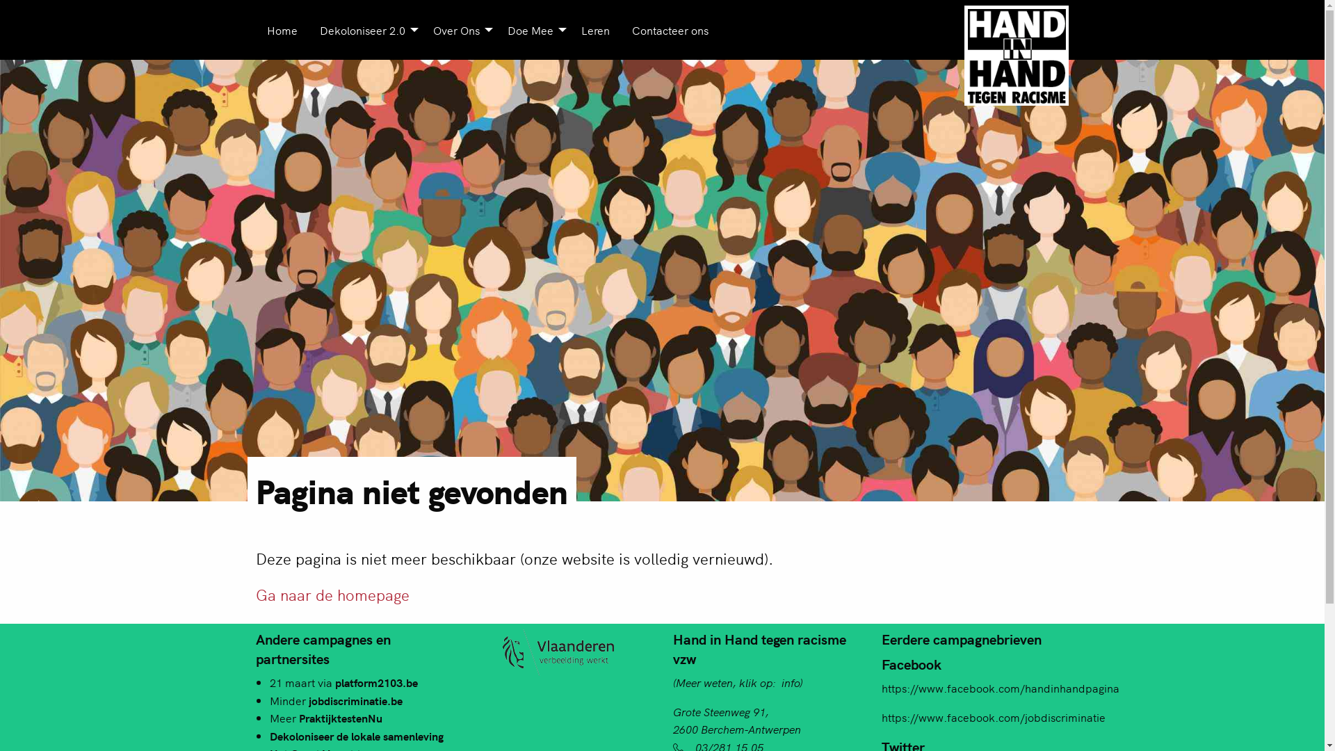 Image resolution: width=1335 pixels, height=751 pixels. I want to click on 'Home', so click(282, 29).